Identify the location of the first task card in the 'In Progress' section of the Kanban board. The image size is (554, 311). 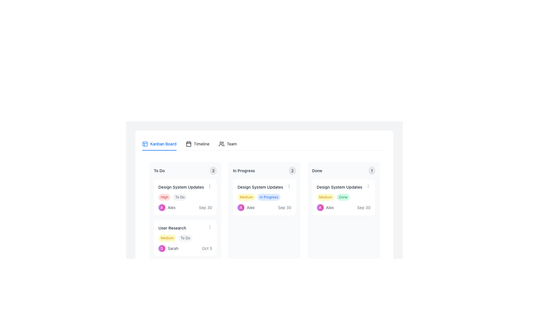
(264, 197).